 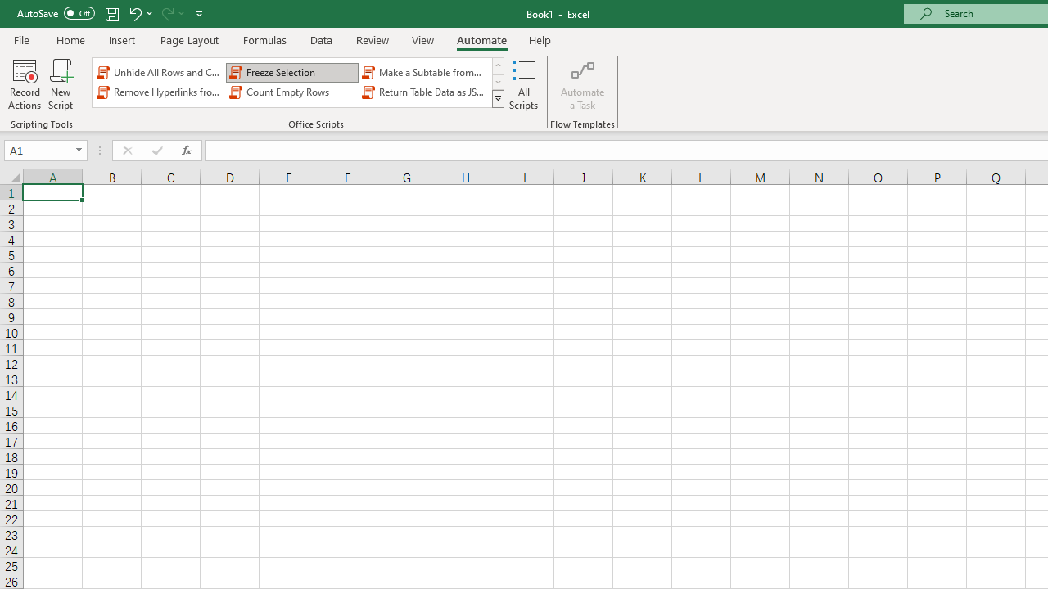 I want to click on 'Count Empty Rows', so click(x=292, y=92).